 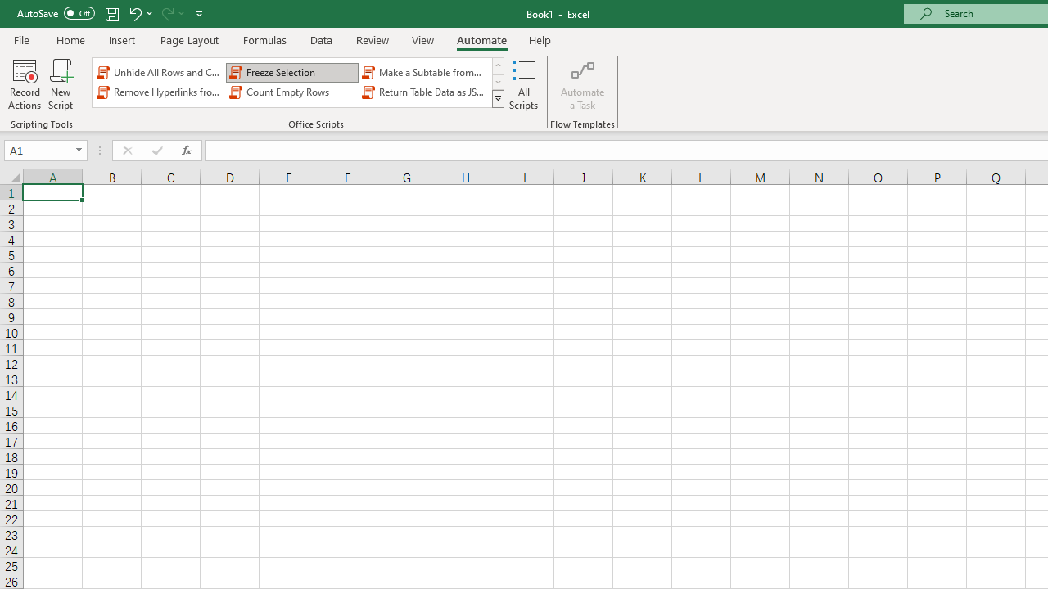 I want to click on 'Count Empty Rows', so click(x=292, y=92).